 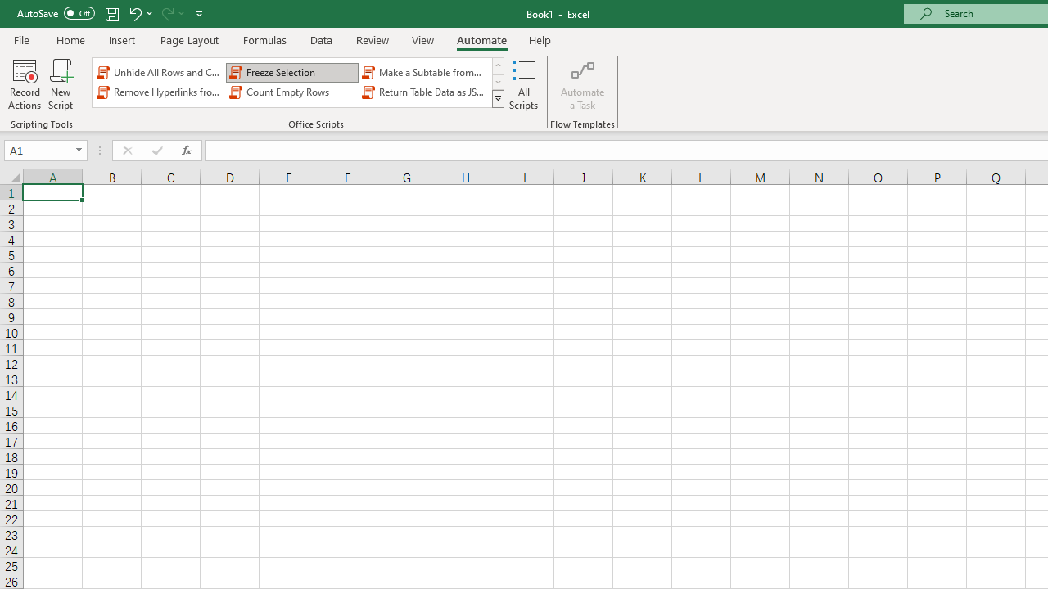 I want to click on 'Count Empty Rows', so click(x=292, y=92).